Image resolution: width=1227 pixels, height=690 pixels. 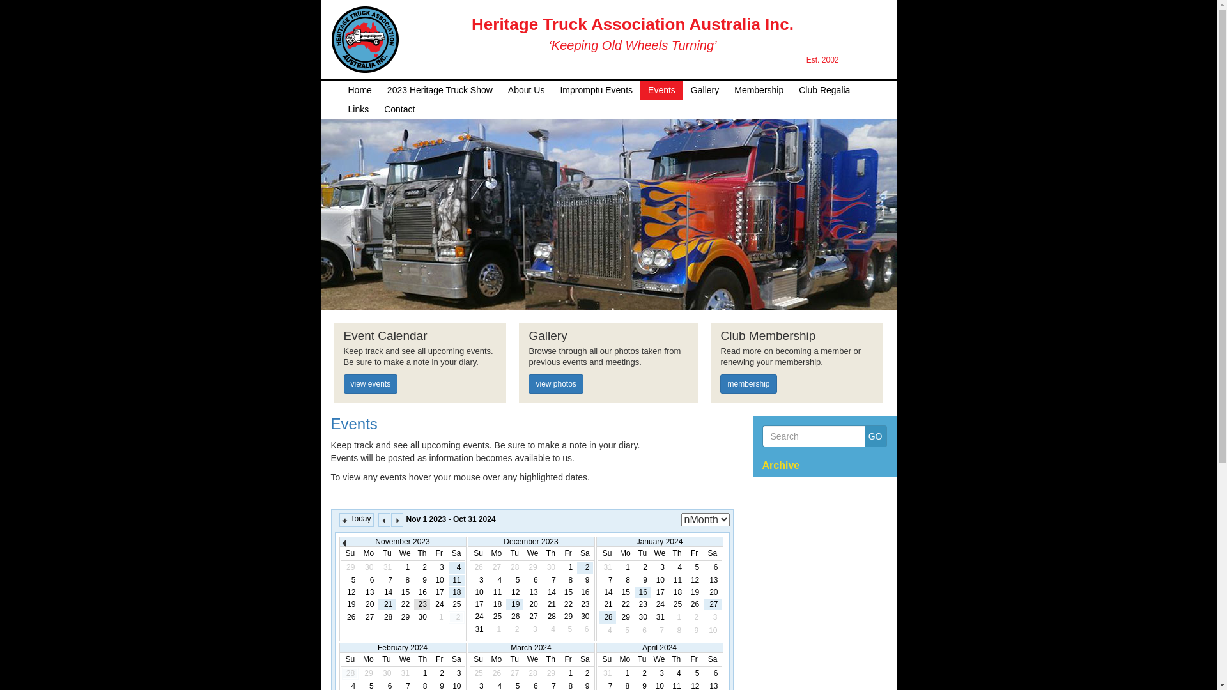 I want to click on '13', so click(x=711, y=580).